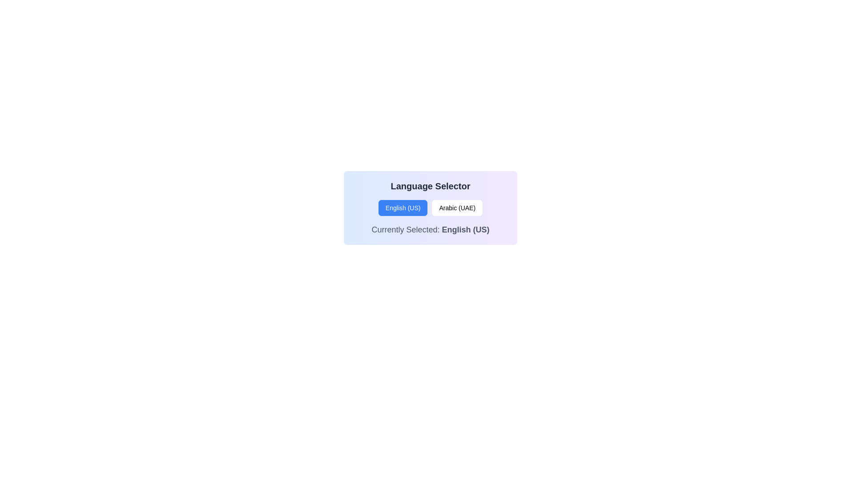 This screenshot has width=854, height=480. What do you see at coordinates (431, 208) in the screenshot?
I see `the 'Arabic (UAE)' button in the Interactive language selector UI block` at bounding box center [431, 208].